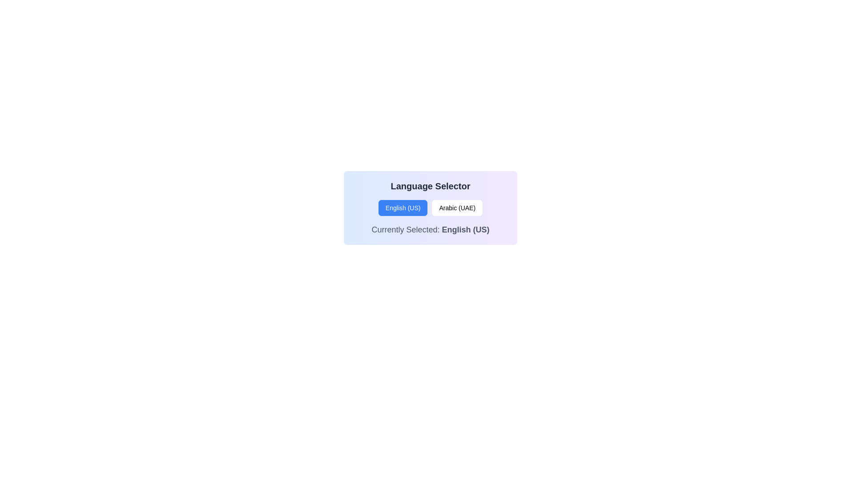 This screenshot has width=854, height=480. What do you see at coordinates (431, 208) in the screenshot?
I see `the 'Arabic (UAE)' button in the Interactive language selector UI block` at bounding box center [431, 208].